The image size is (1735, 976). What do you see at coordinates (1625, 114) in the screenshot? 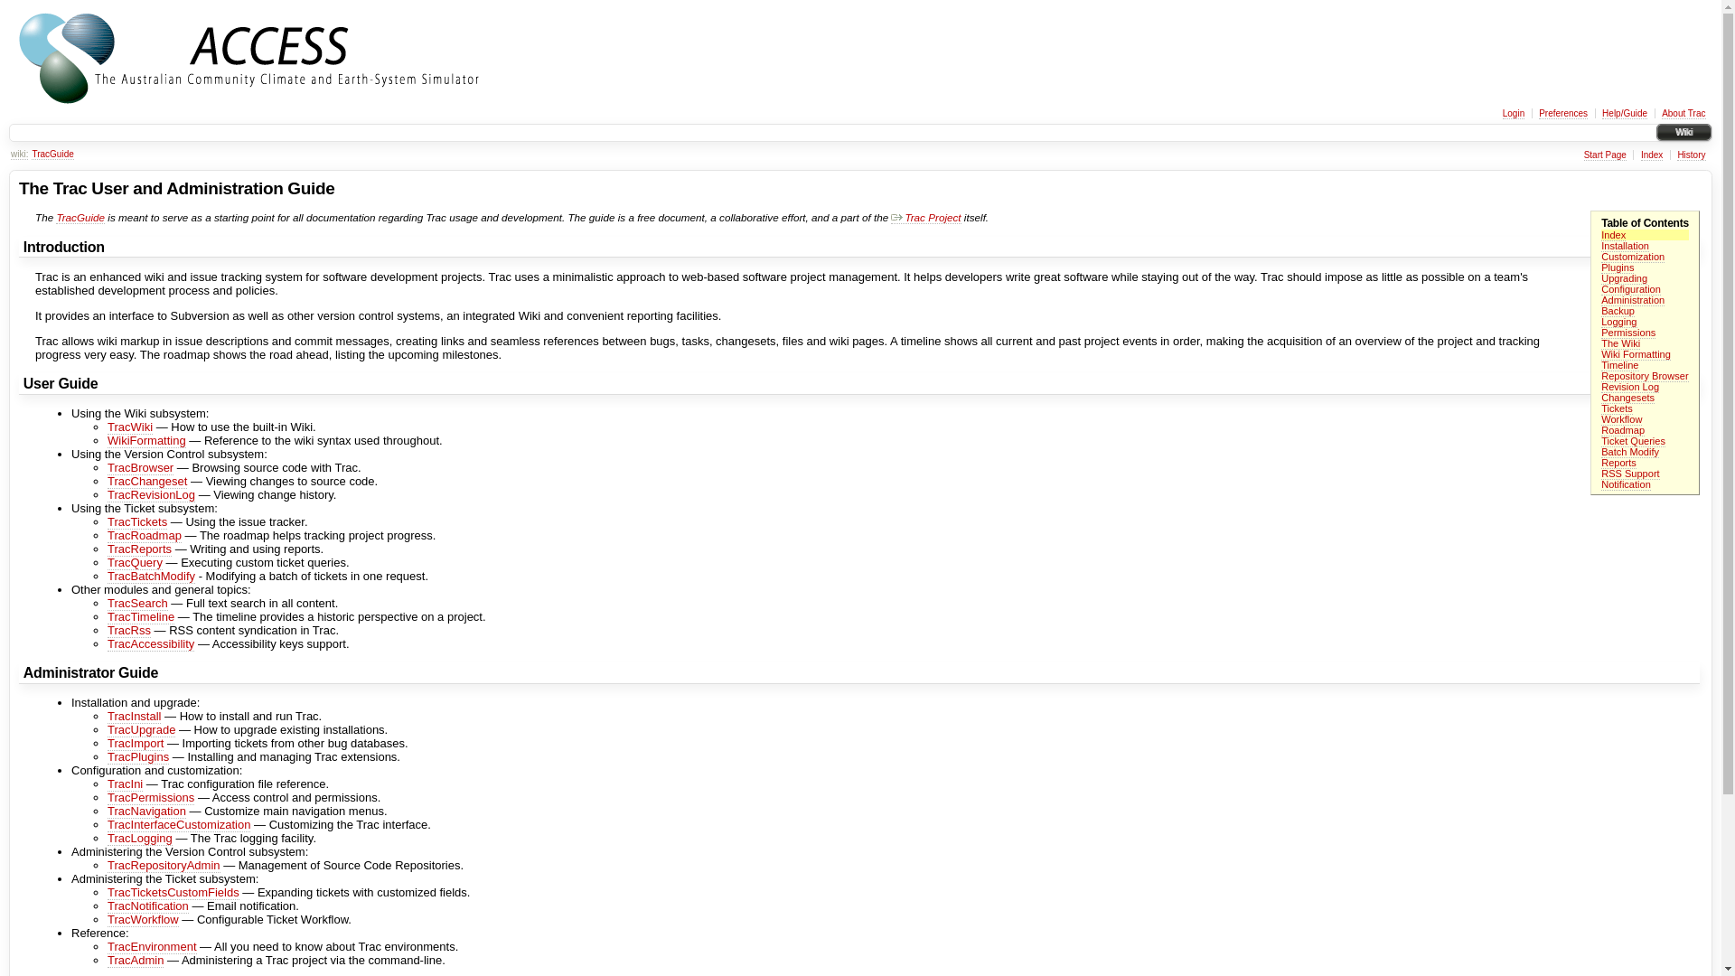
I see `'Help/Guide'` at bounding box center [1625, 114].